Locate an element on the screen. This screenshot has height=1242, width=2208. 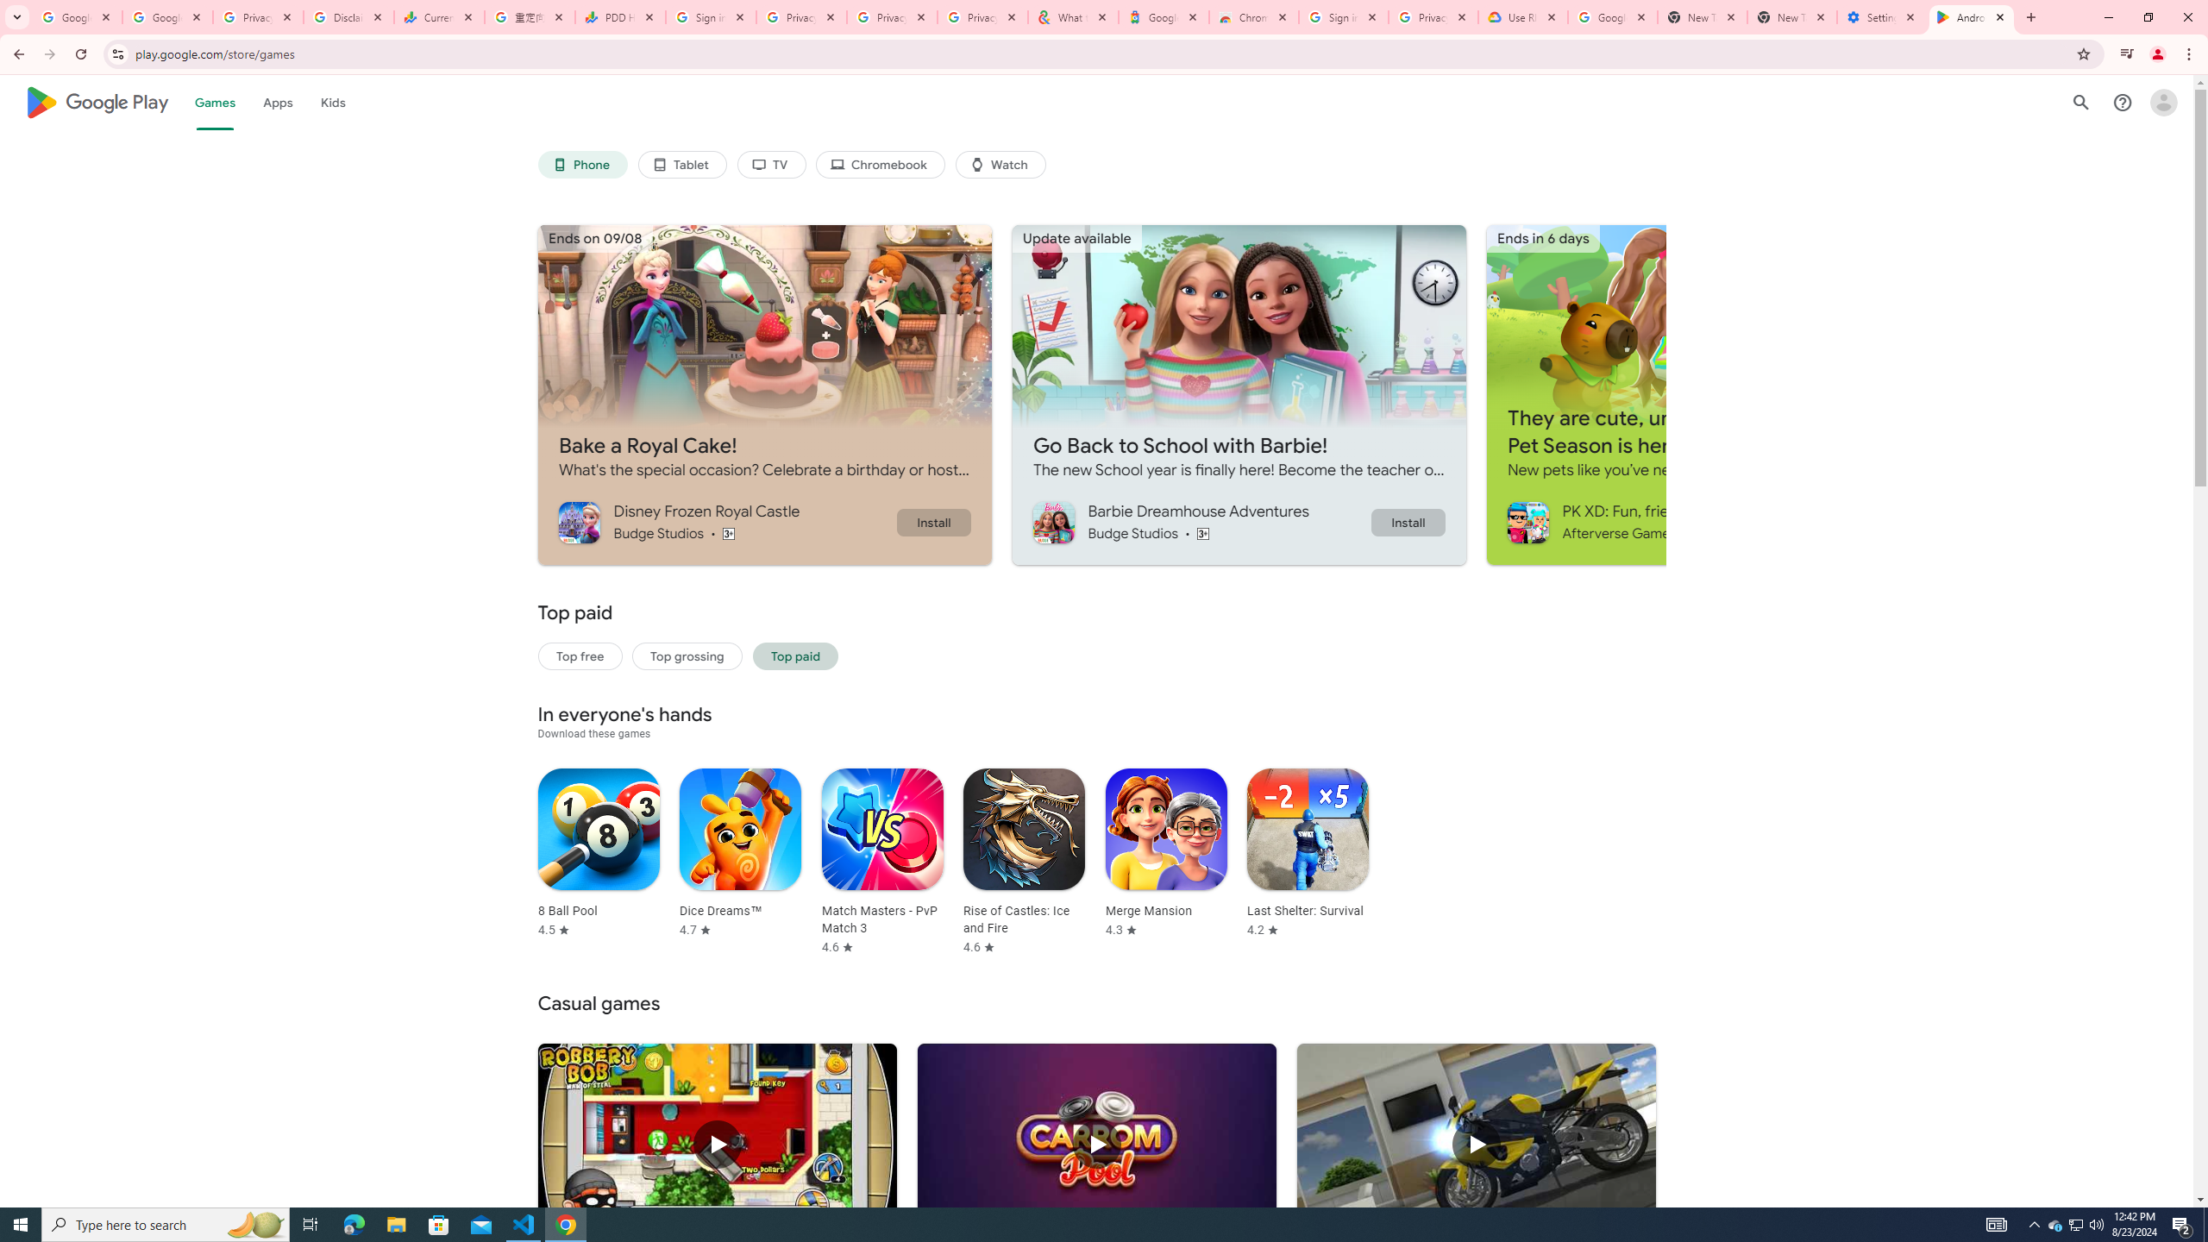
'Android Apps on Google Play' is located at coordinates (1972, 16).